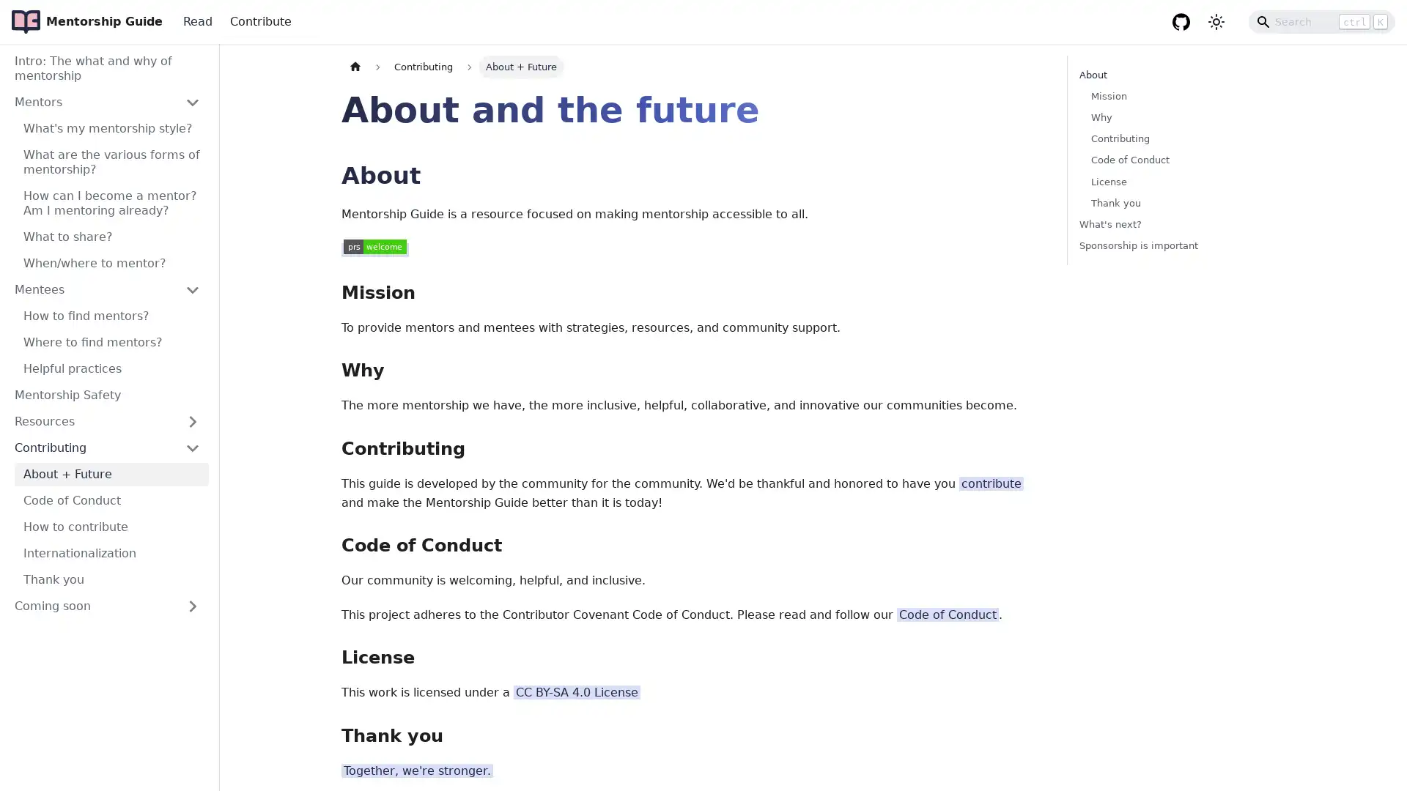 The image size is (1407, 791). I want to click on Switch between dark and light mode (currently light mode), so click(1216, 22).